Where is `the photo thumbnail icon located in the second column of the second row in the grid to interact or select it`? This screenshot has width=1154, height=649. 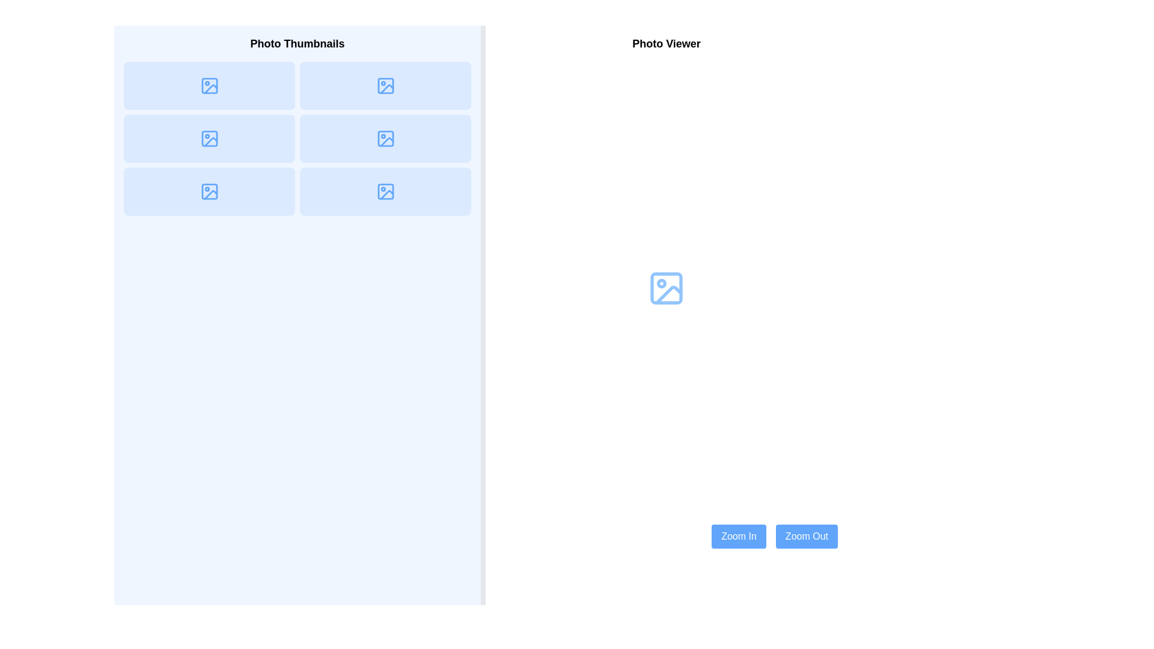 the photo thumbnail icon located in the second column of the second row in the grid to interact or select it is located at coordinates (385, 138).